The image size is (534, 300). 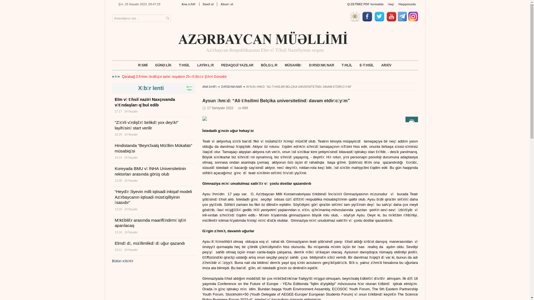 What do you see at coordinates (167, 18) in the screenshot?
I see `'Axtar'` at bounding box center [167, 18].